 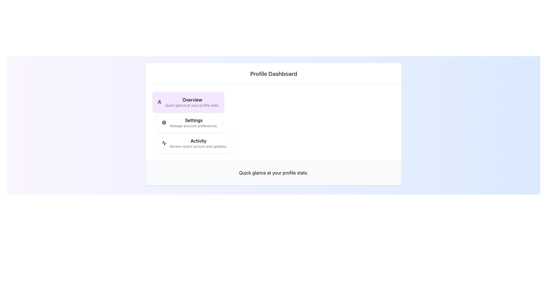 What do you see at coordinates (164, 122) in the screenshot?
I see `the gear-shaped icon indicating settings functionality, located to the left of the text 'Settings' within a vertical list` at bounding box center [164, 122].